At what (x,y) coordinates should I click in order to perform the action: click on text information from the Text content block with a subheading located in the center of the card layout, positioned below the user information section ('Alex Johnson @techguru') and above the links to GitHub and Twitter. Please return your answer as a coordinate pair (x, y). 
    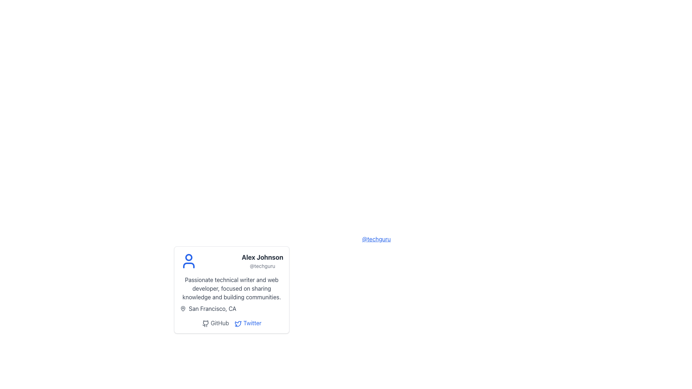
    Looking at the image, I should click on (232, 294).